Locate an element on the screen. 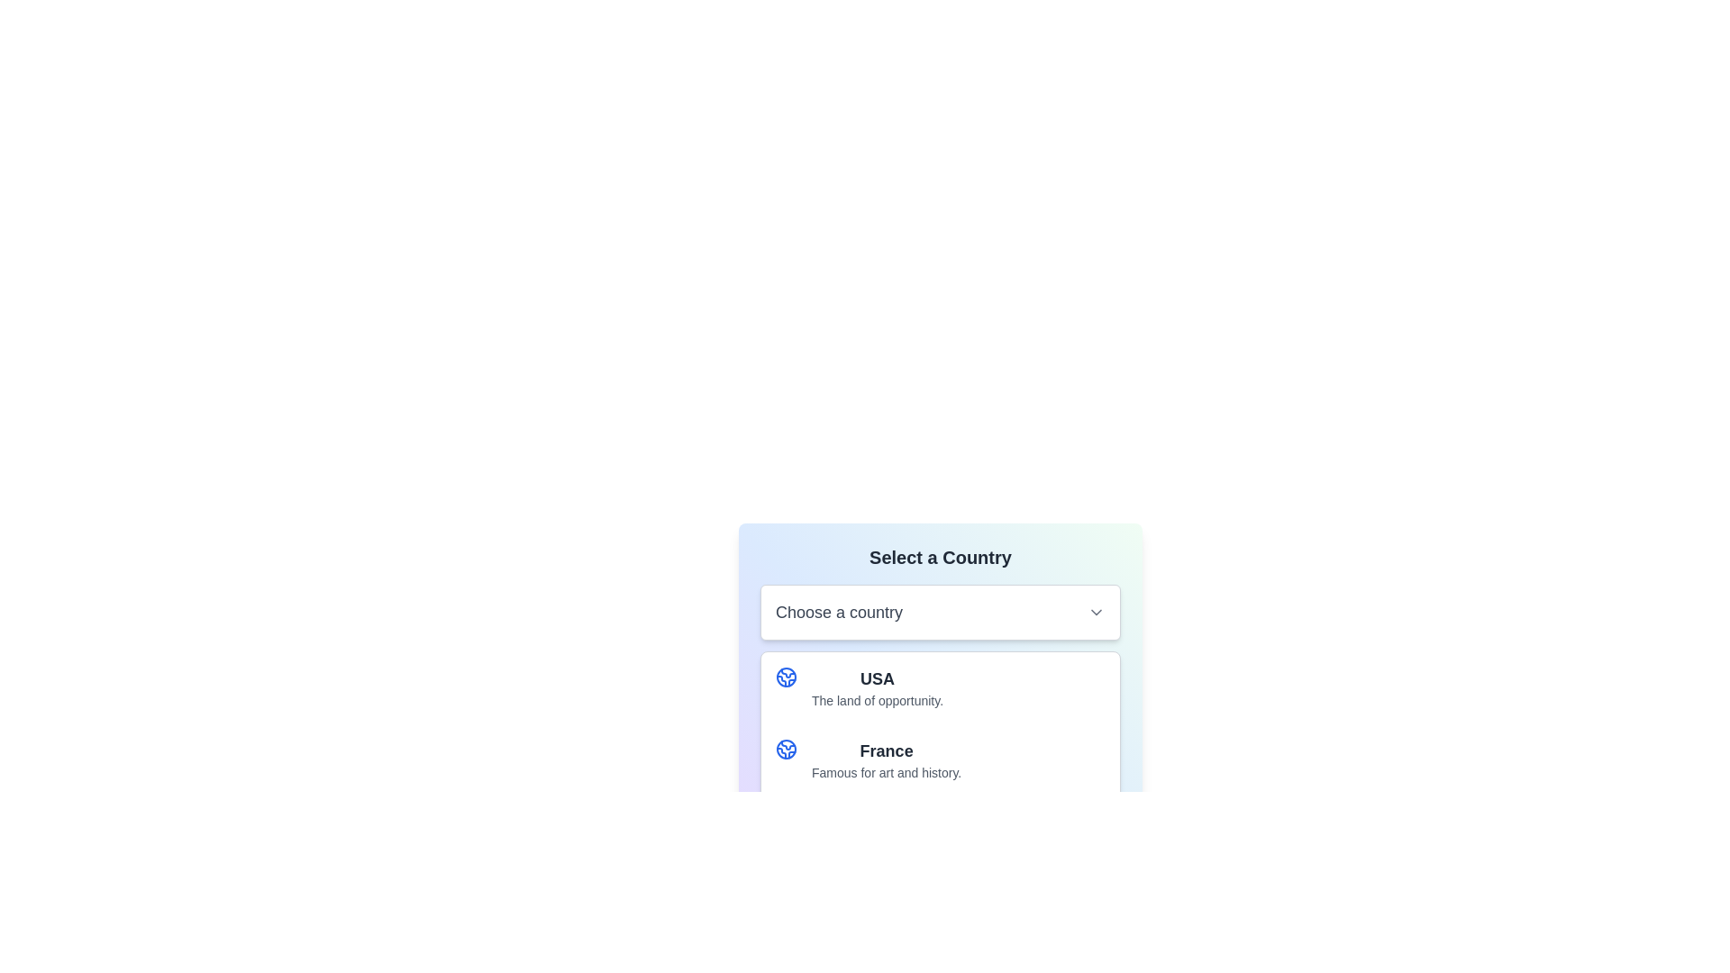 The image size is (1730, 973). the Dropdown selector labeled 'Choose a country' is located at coordinates (939, 611).